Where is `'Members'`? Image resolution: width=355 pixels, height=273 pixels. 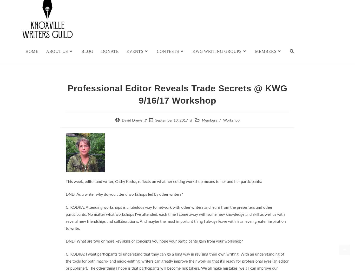 'Members' is located at coordinates (209, 120).